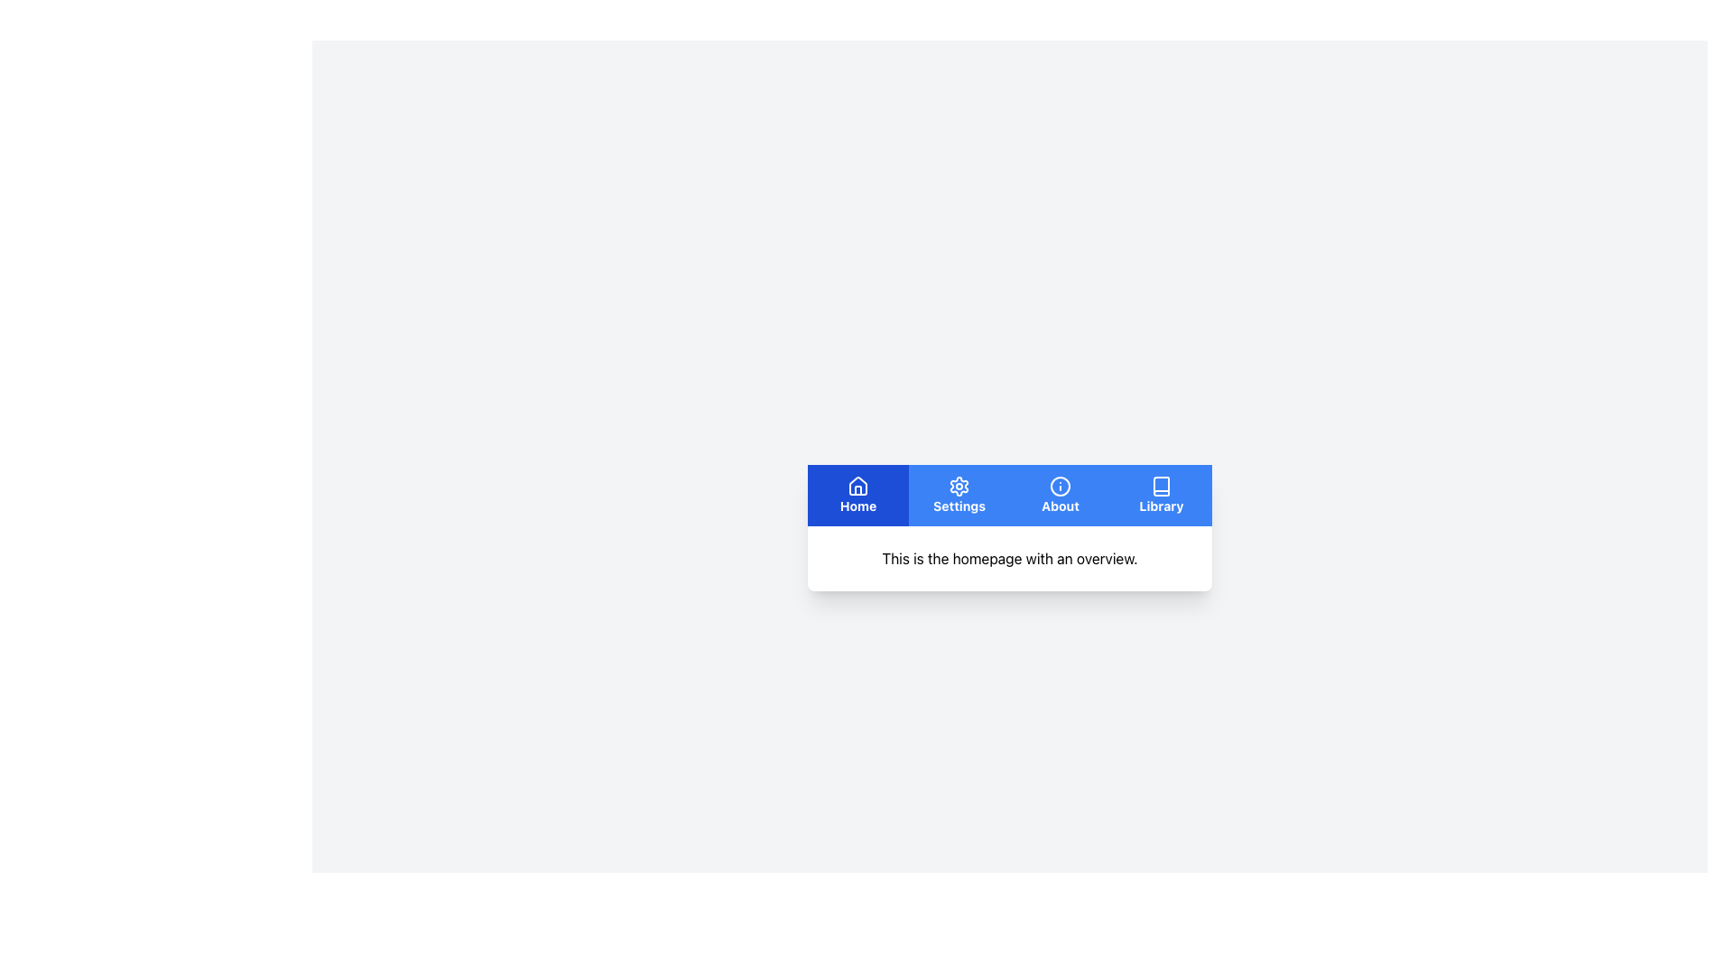  I want to click on the leftmost button in the horizontal navigation bar, so click(857, 495).